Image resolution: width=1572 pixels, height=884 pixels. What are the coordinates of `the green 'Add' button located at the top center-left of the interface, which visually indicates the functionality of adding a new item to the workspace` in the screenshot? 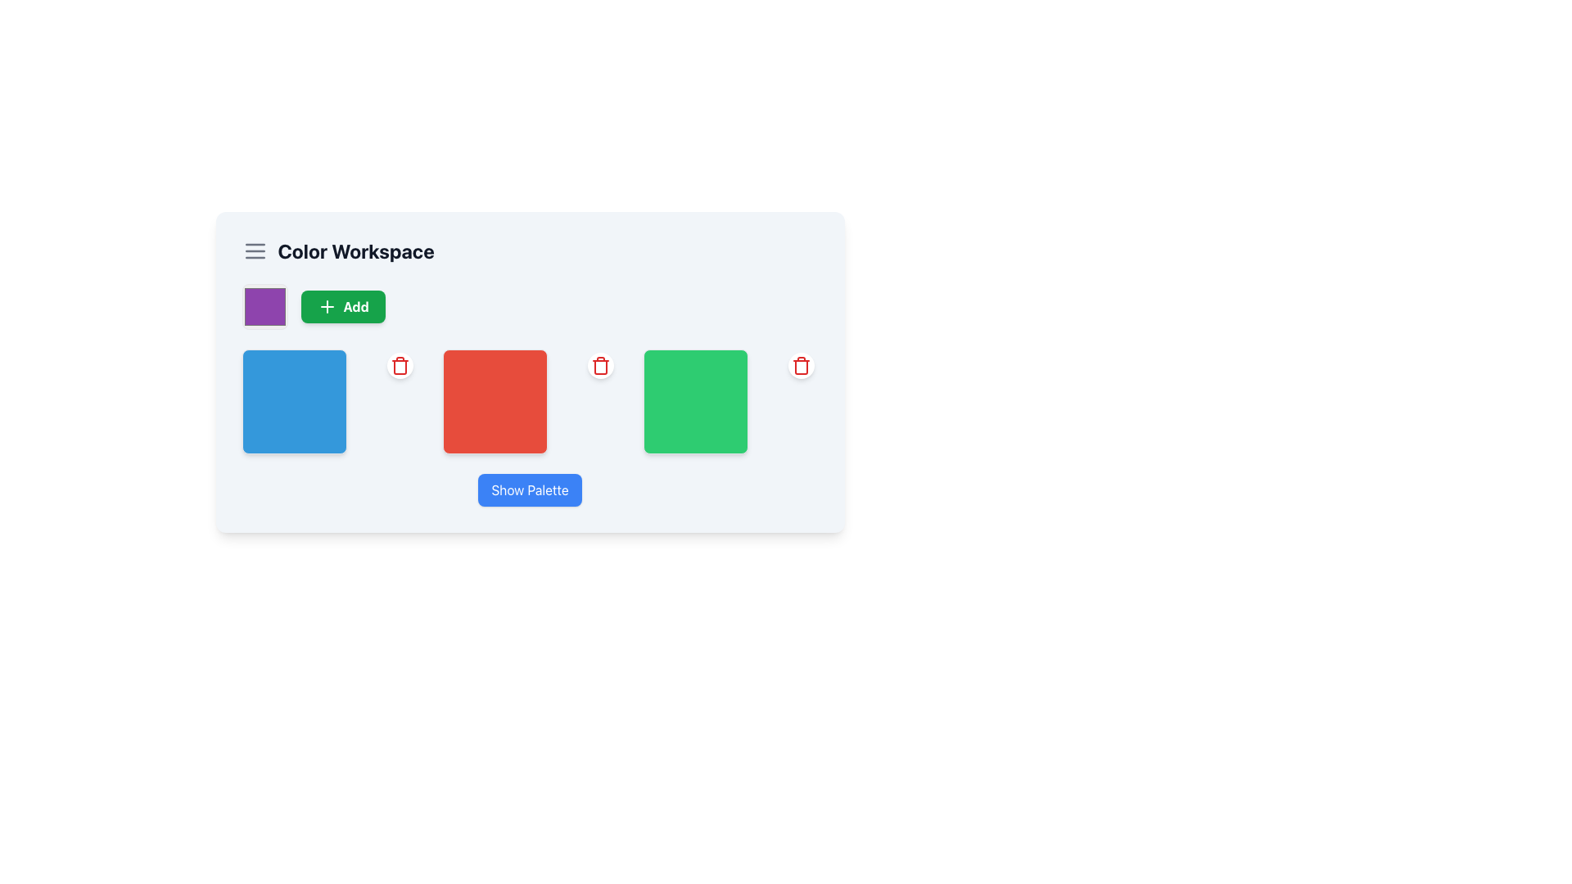 It's located at (327, 306).